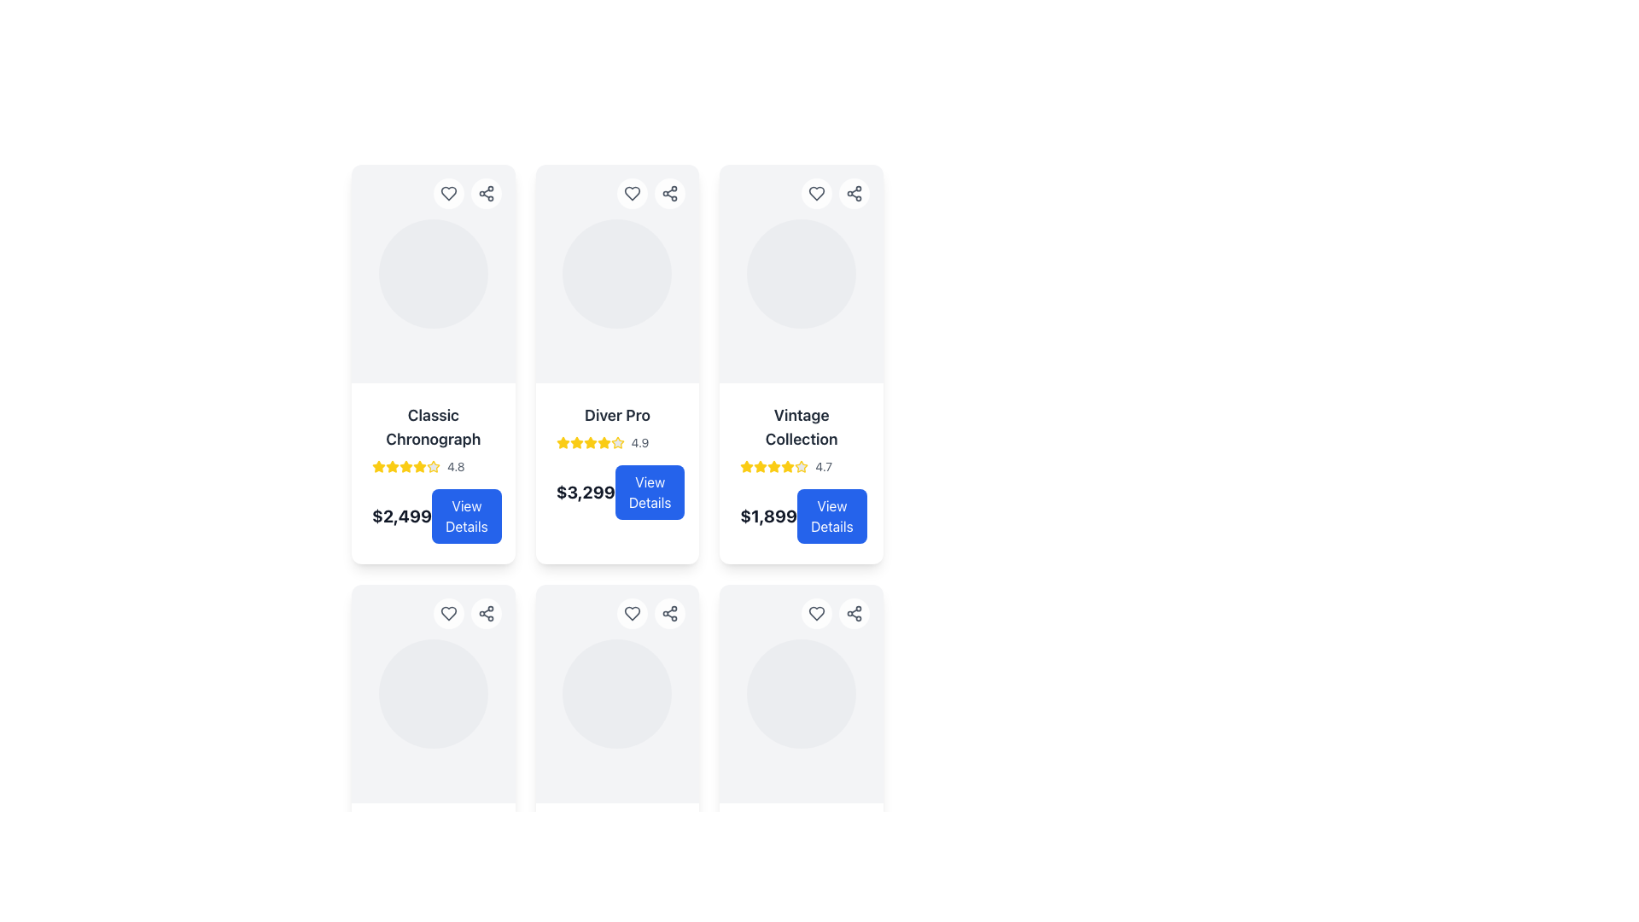  I want to click on the fifth star icon representing the rating level located beneath the 'Classic Chronograph' text in the first card of the grid layout, so click(405, 467).